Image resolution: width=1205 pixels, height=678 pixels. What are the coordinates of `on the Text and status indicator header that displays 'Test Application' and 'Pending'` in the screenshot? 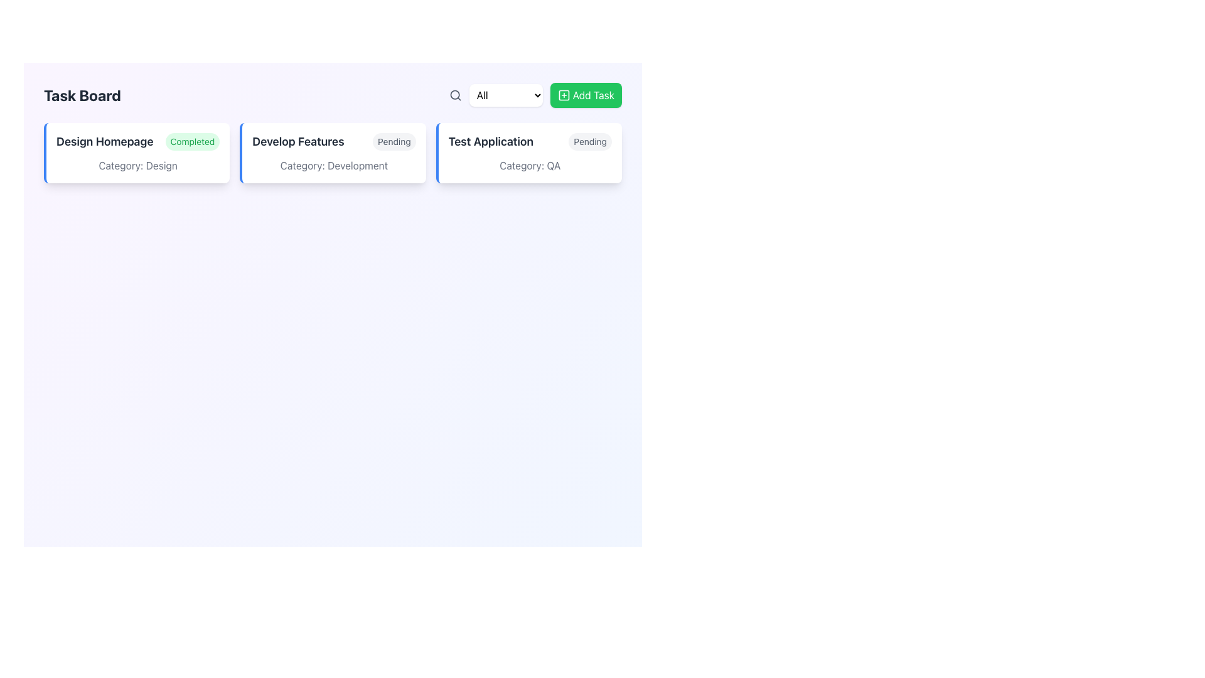 It's located at (530, 141).